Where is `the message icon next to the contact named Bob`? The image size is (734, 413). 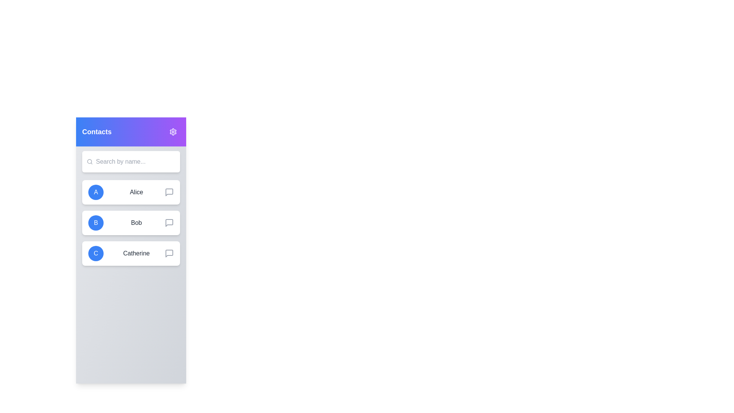
the message icon next to the contact named Bob is located at coordinates (169, 223).